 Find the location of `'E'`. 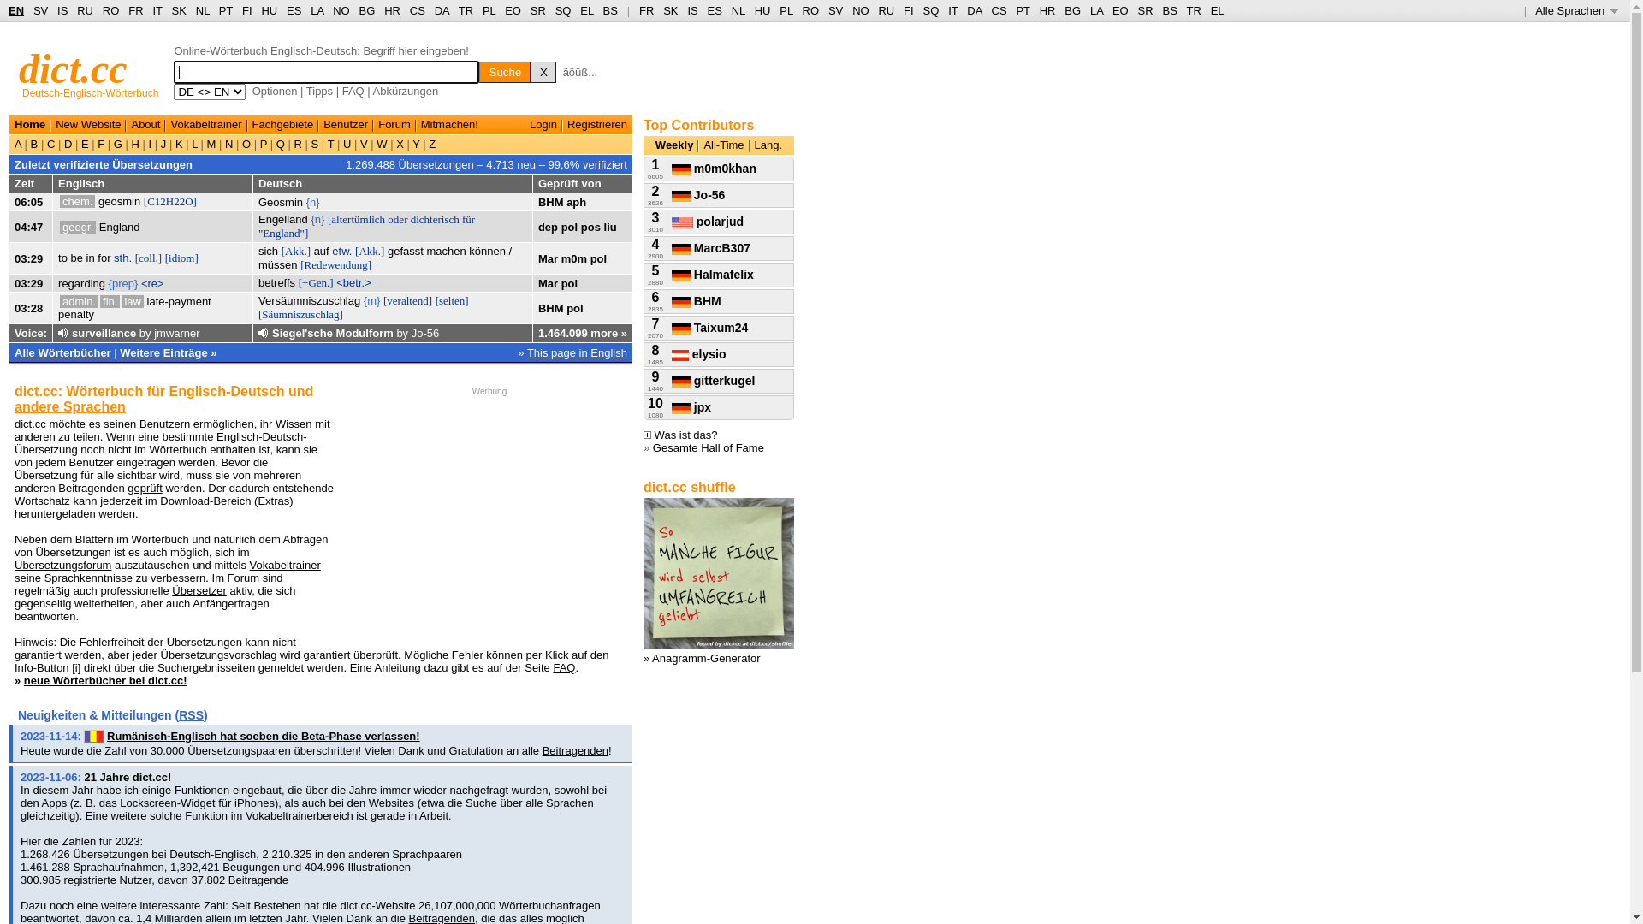

'E' is located at coordinates (84, 143).